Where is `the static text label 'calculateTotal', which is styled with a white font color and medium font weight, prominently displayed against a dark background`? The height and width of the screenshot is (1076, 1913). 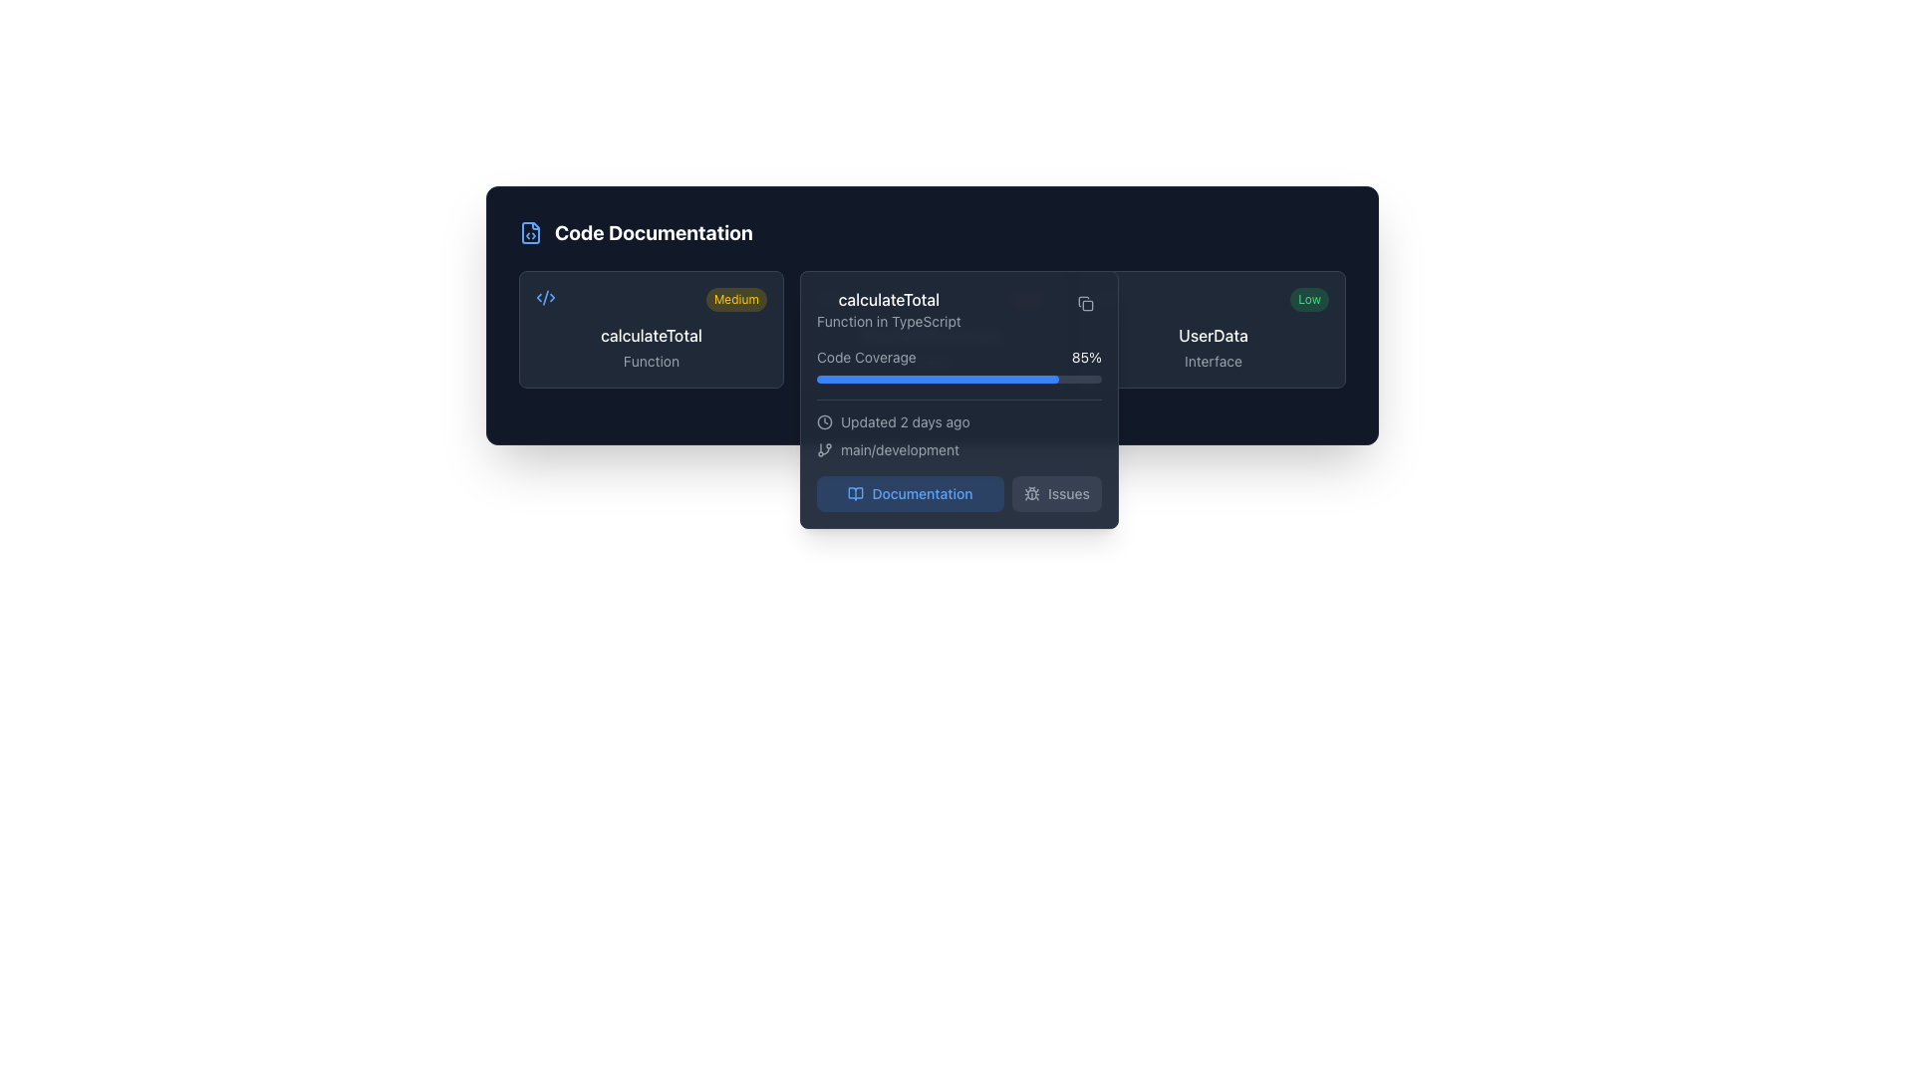 the static text label 'calculateTotal', which is styled with a white font color and medium font weight, prominently displayed against a dark background is located at coordinates (888, 299).